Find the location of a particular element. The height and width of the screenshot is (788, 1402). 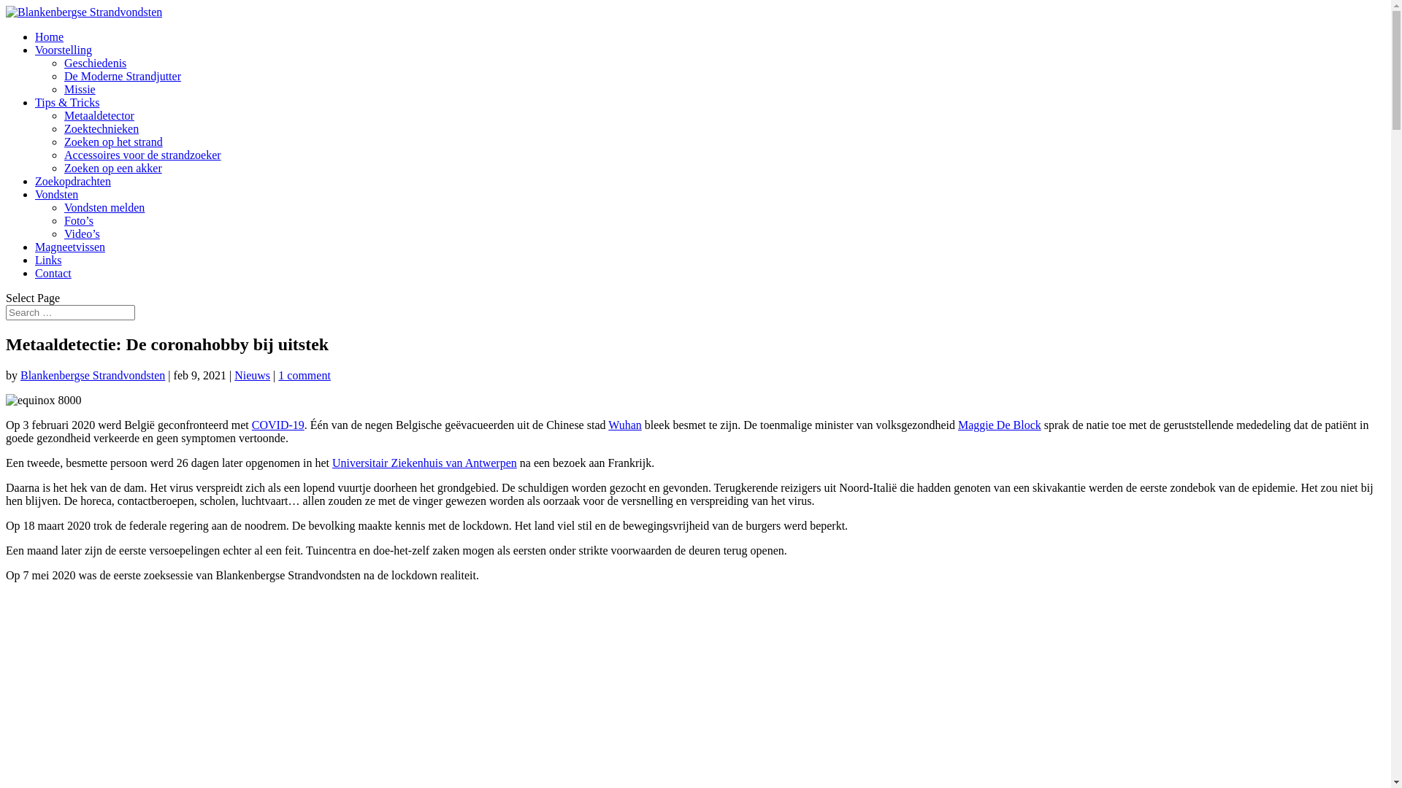

'Geschiedenis' is located at coordinates (94, 62).